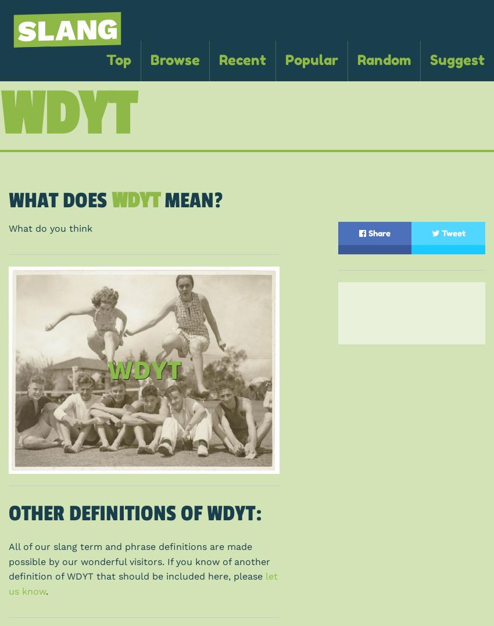  I want to click on 'Browse', so click(175, 59).